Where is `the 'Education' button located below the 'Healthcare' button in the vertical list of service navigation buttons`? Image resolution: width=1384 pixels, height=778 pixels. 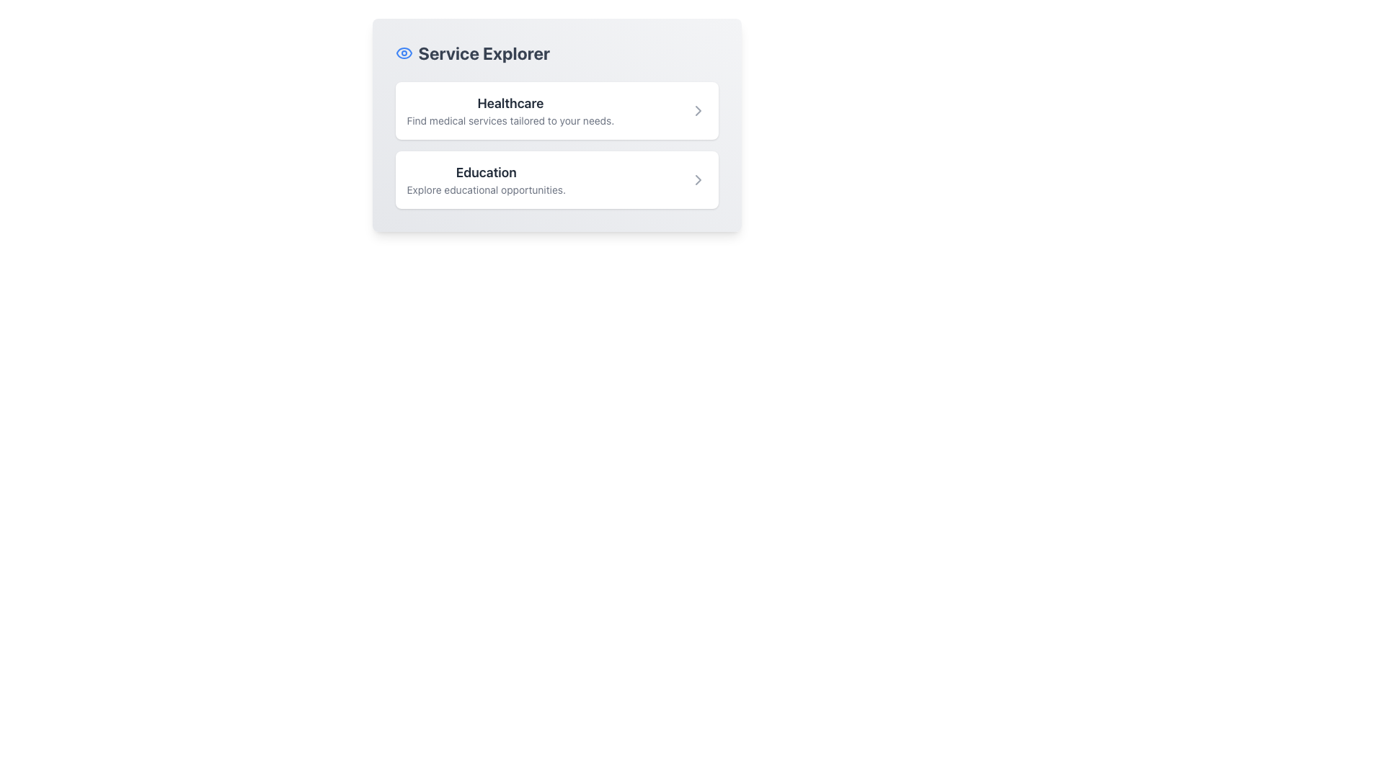
the 'Education' button located below the 'Healthcare' button in the vertical list of service navigation buttons is located at coordinates (556, 179).